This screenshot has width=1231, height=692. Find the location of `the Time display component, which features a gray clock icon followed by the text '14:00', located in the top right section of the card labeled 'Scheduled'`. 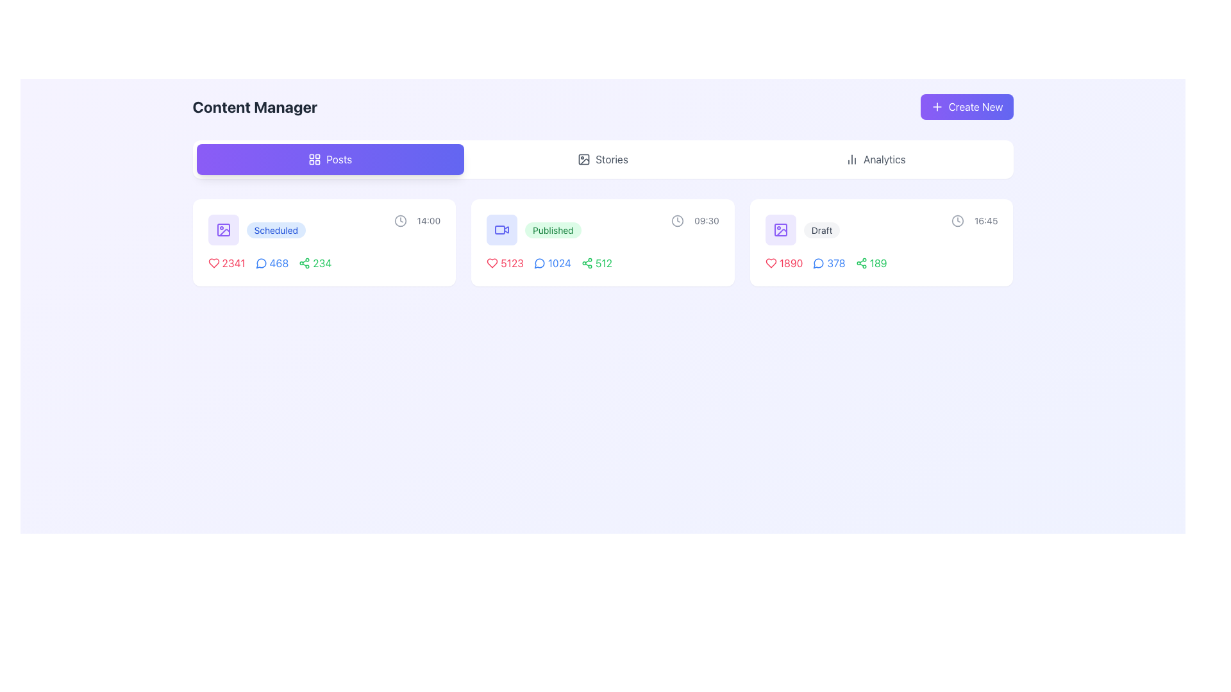

the Time display component, which features a gray clock icon followed by the text '14:00', located in the top right section of the card labeled 'Scheduled' is located at coordinates (417, 220).